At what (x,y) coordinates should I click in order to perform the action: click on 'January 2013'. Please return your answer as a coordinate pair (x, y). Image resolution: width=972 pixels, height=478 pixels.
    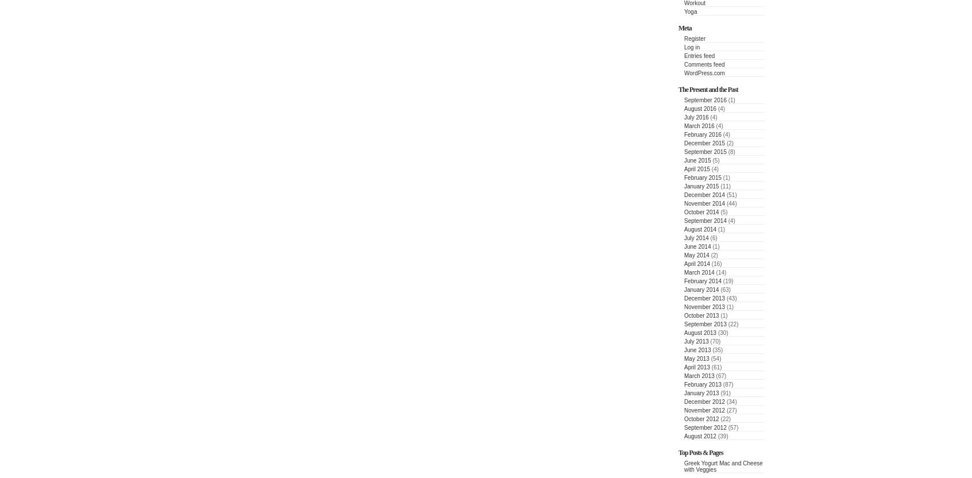
    Looking at the image, I should click on (701, 392).